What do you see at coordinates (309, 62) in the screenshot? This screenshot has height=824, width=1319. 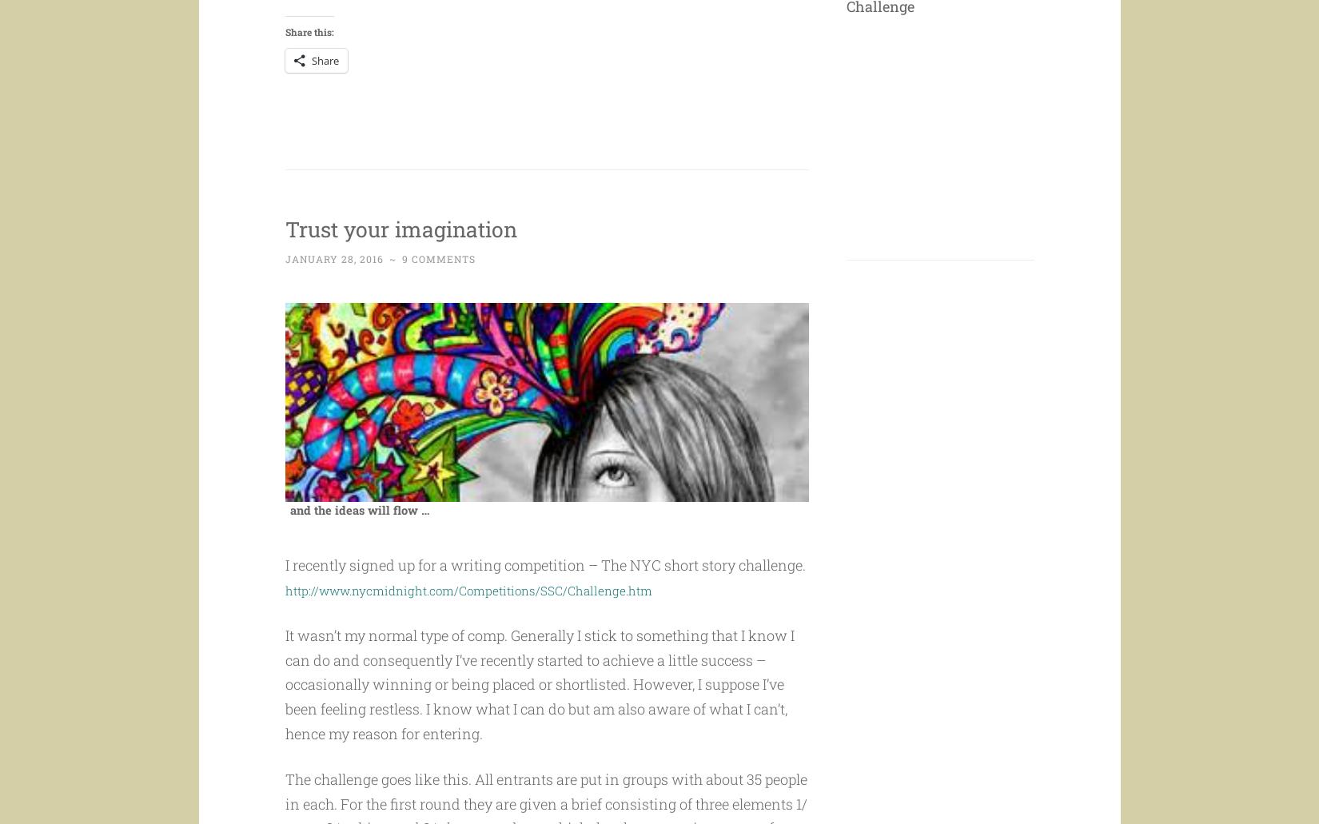 I see `'Share this:'` at bounding box center [309, 62].